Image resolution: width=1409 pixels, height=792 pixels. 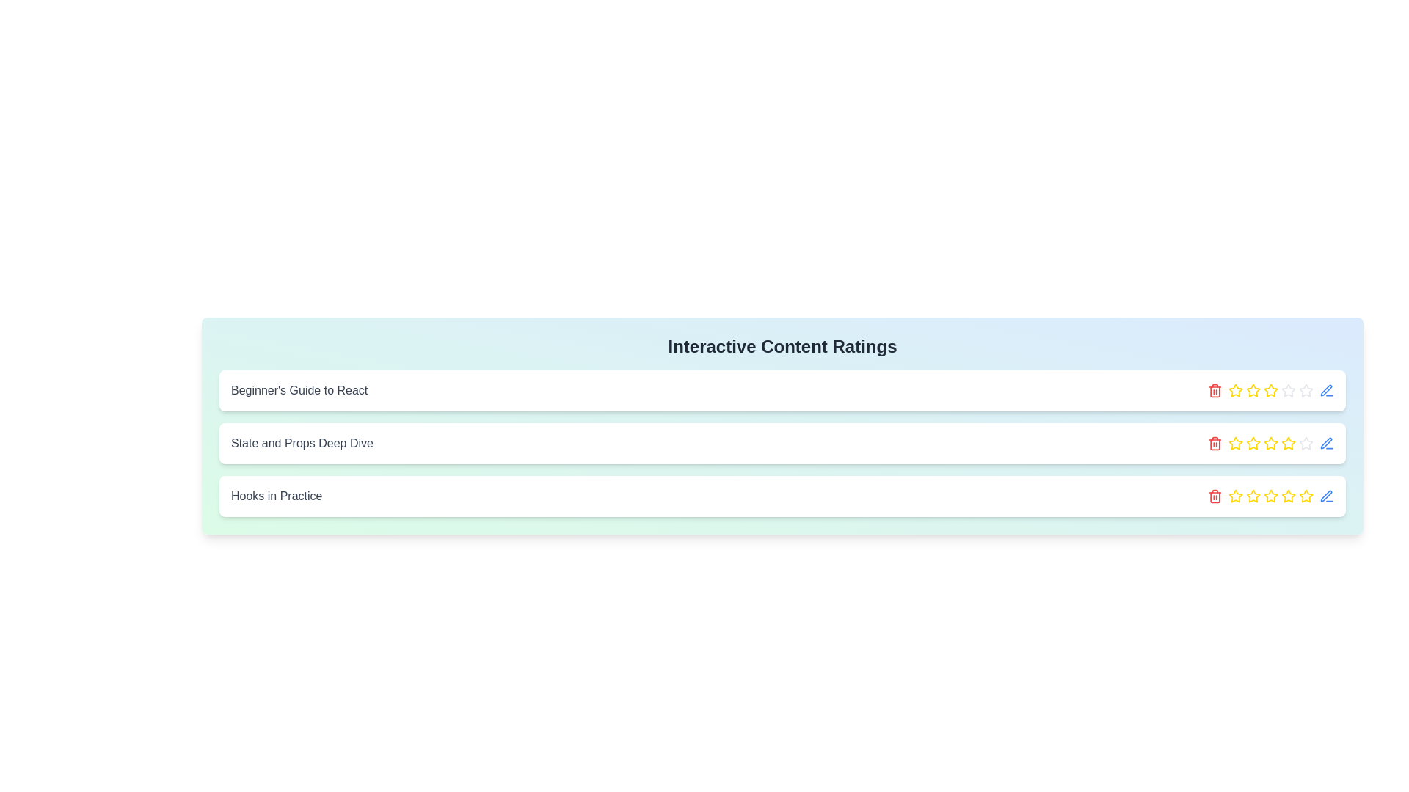 I want to click on the third yellow star icon in the rating system for 'State and Props Deep Dive' to rate a value, so click(x=1252, y=442).